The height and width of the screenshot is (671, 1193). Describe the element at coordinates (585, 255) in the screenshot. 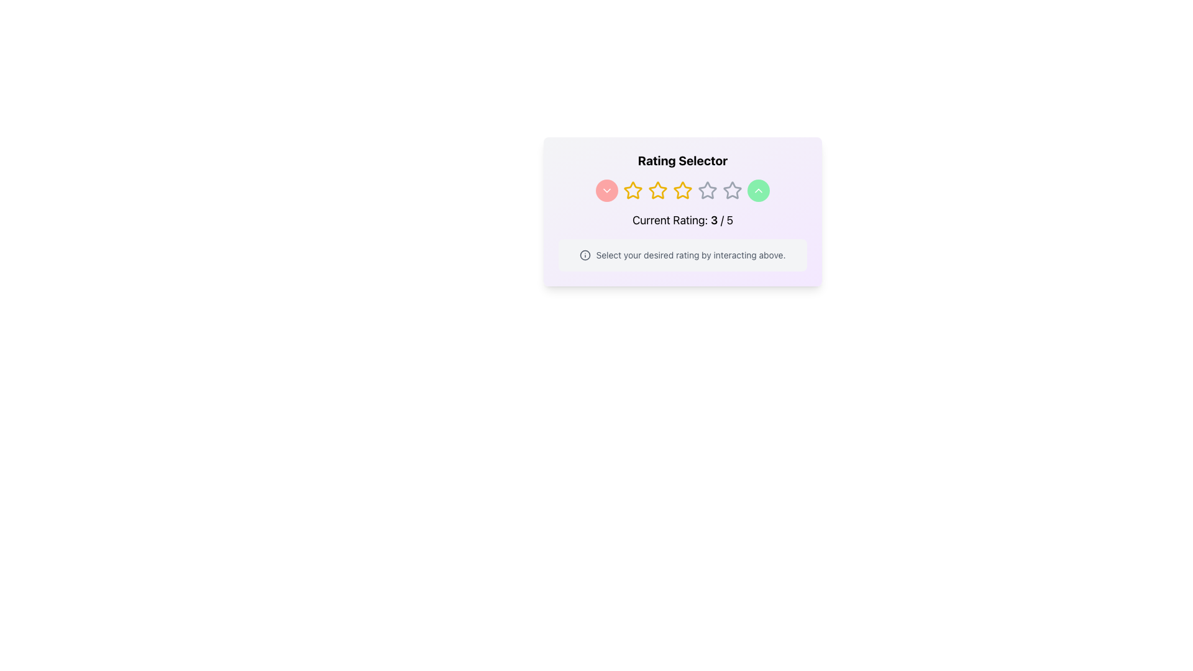

I see `the small circular SVG icon with a dark gray stroke and an exclamation mark, located to the left of the text 'Select your desired rating by interacting above'` at that location.